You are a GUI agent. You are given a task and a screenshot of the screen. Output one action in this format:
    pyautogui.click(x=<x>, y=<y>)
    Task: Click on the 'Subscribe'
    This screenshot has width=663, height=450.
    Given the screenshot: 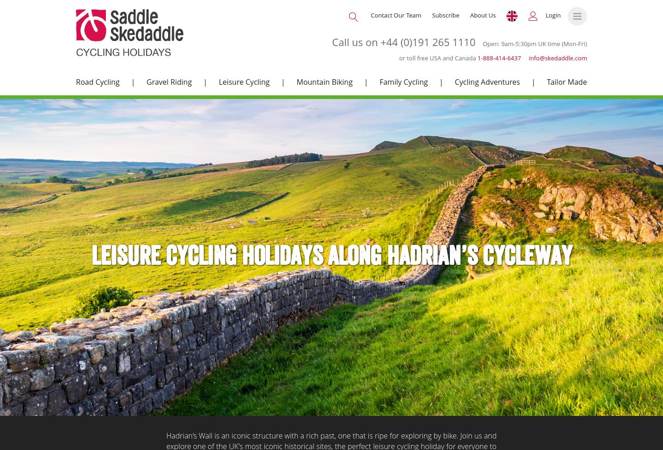 What is the action you would take?
    pyautogui.click(x=445, y=15)
    